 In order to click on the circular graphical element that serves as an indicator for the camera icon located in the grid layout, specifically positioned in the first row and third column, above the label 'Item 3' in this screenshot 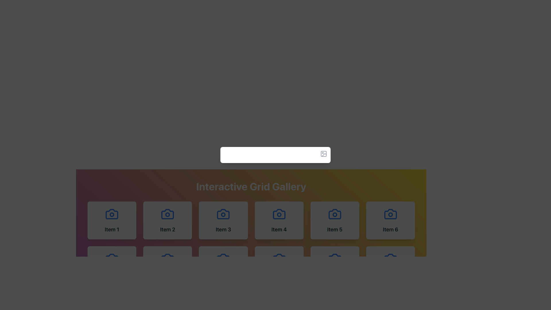, I will do `click(223, 215)`.